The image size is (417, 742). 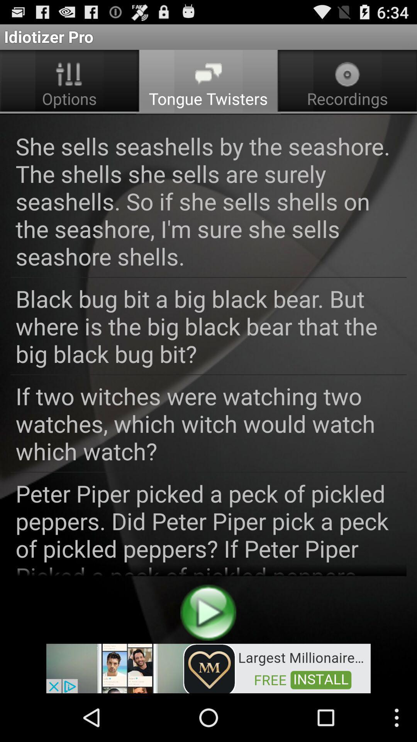 I want to click on play, so click(x=208, y=612).